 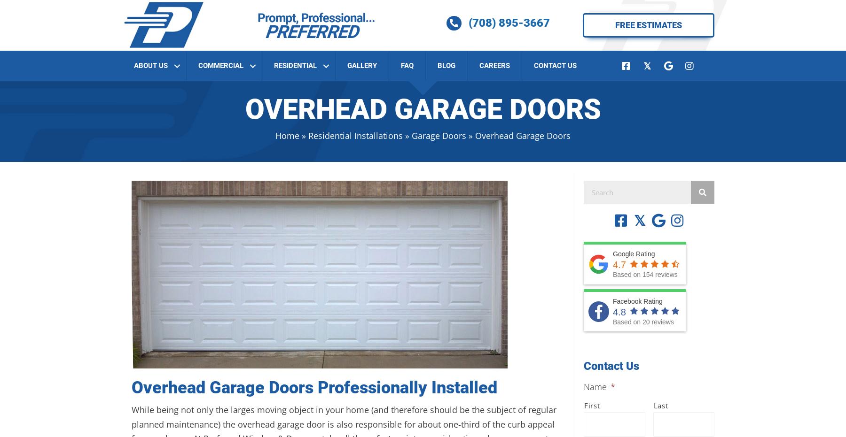 I want to click on 'Blog', so click(x=446, y=64).